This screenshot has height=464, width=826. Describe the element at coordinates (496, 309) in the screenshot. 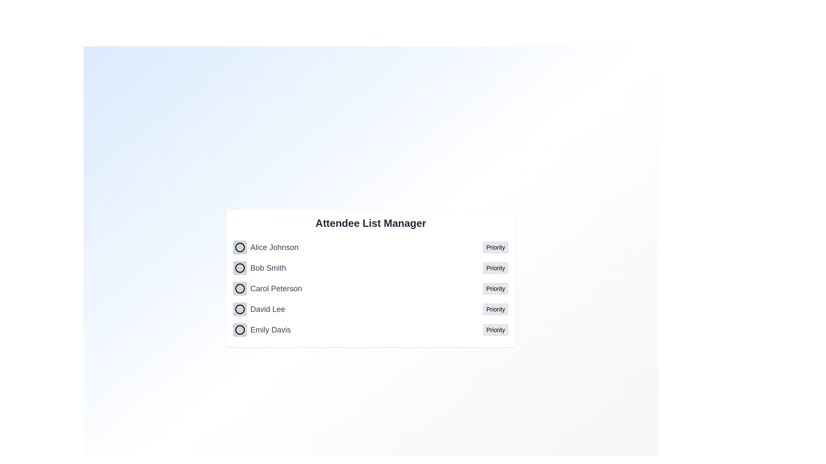

I see `the priority status for David Lee by clicking the 'Priority' button next to their name` at that location.